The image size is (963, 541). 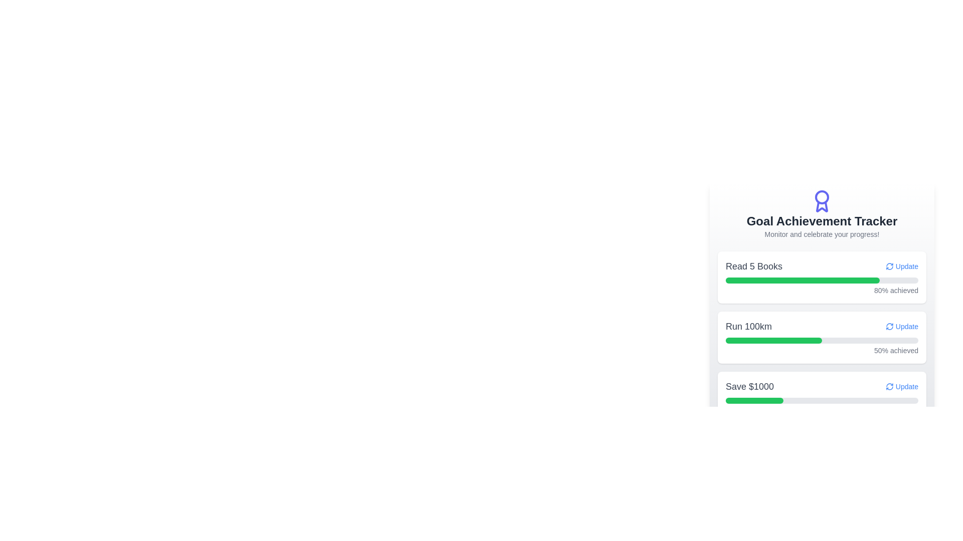 I want to click on the circular refresh icon styled with a blue line, located to the immediate right of the 'Update' text in the first achievement entry titled 'Read 5 Books', to initiate the update action, so click(x=889, y=266).